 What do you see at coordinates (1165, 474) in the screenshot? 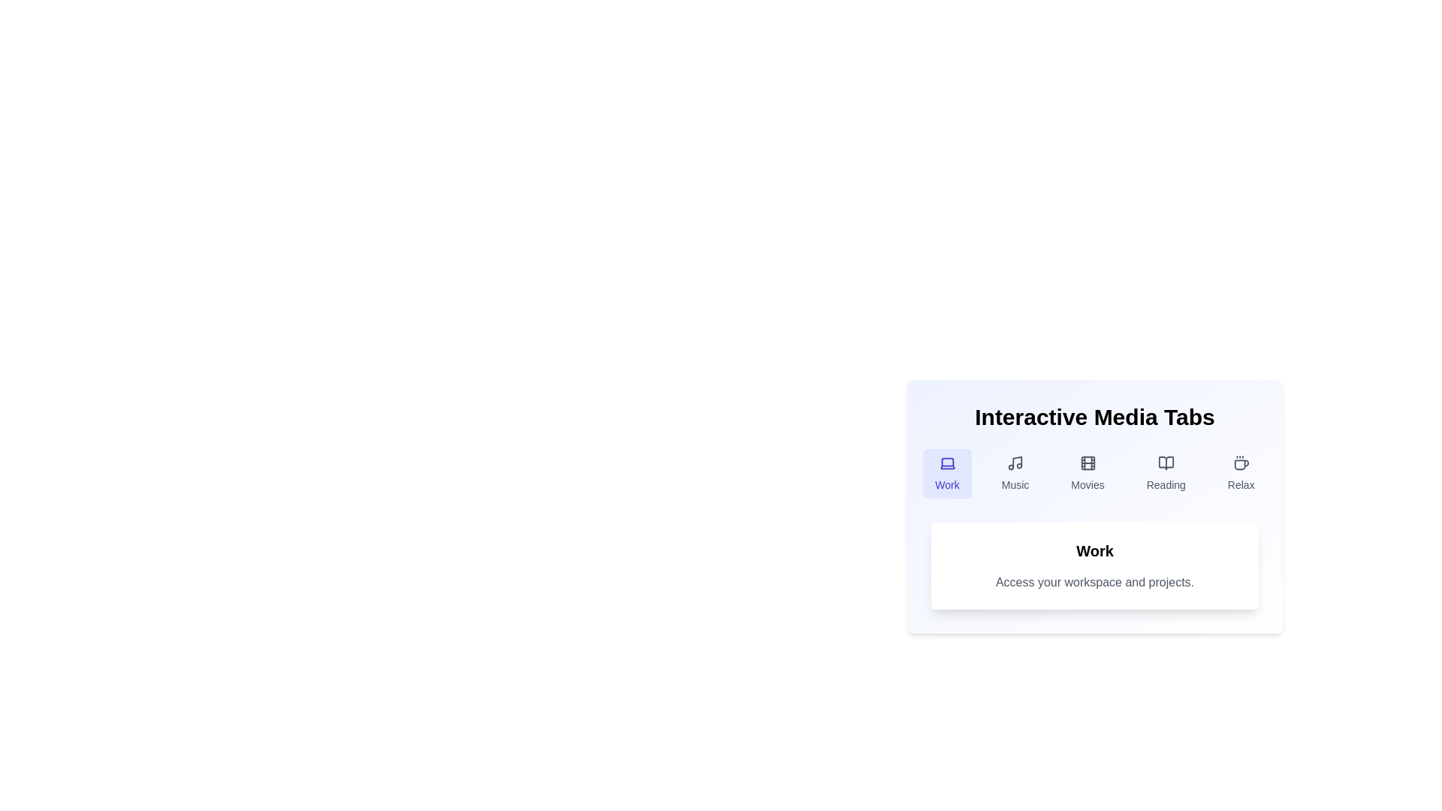
I see `the tab labeled Reading to observe the hover effect` at bounding box center [1165, 474].